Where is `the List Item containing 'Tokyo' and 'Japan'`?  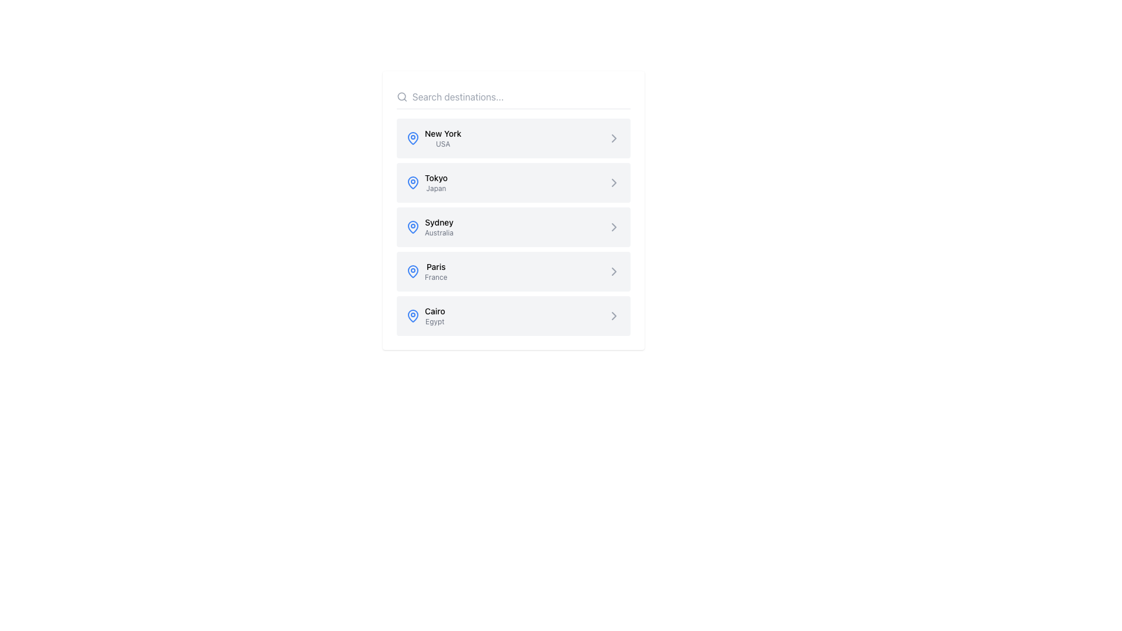 the List Item containing 'Tokyo' and 'Japan' is located at coordinates (513, 182).